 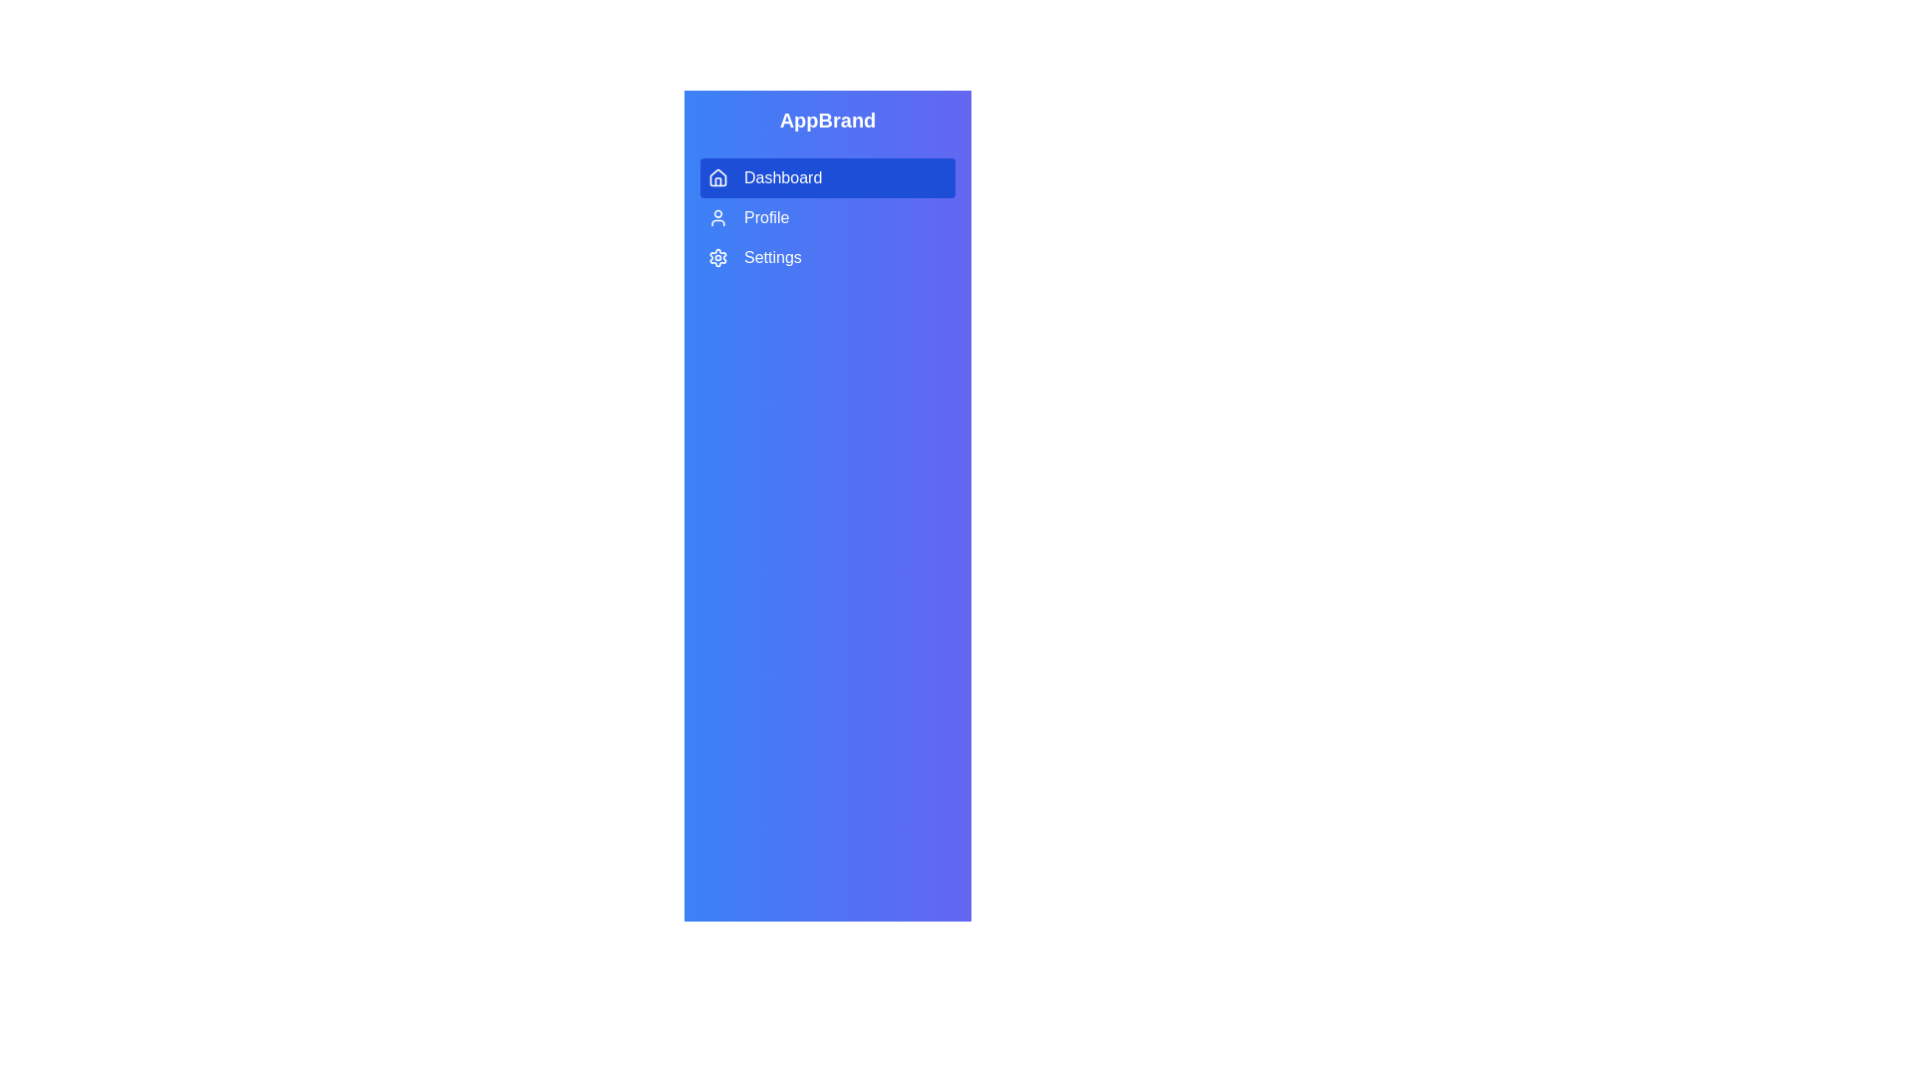 What do you see at coordinates (717, 175) in the screenshot?
I see `the Dashboard Icon in the navigation bar, which serves as a graphical representation for quick access to the Dashboard page` at bounding box center [717, 175].